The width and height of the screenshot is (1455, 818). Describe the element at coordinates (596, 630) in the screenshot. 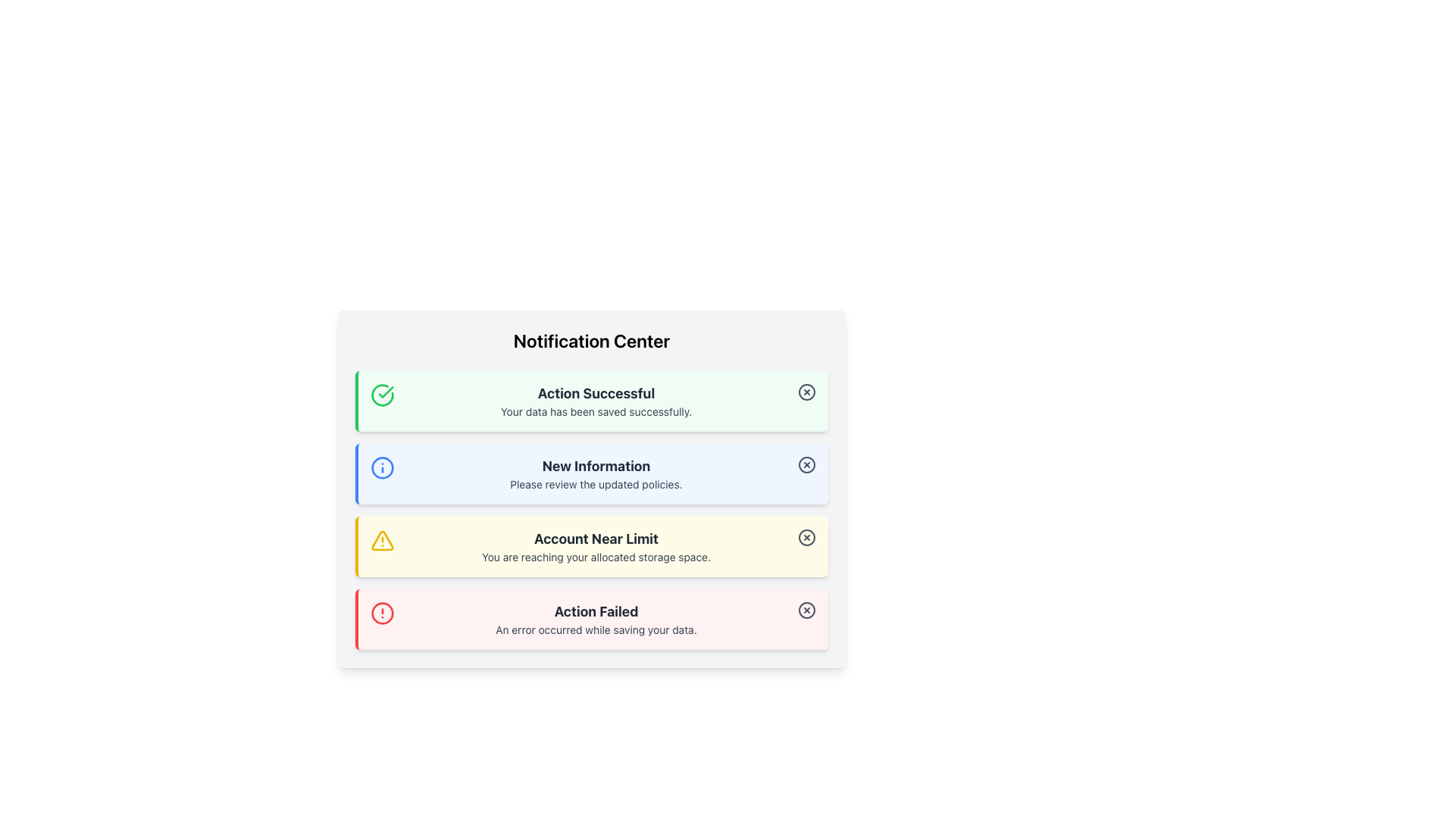

I see `text label that displays 'An error occurred while saving your data.' located under the heading 'Action Failed' in the notification center interface` at that location.